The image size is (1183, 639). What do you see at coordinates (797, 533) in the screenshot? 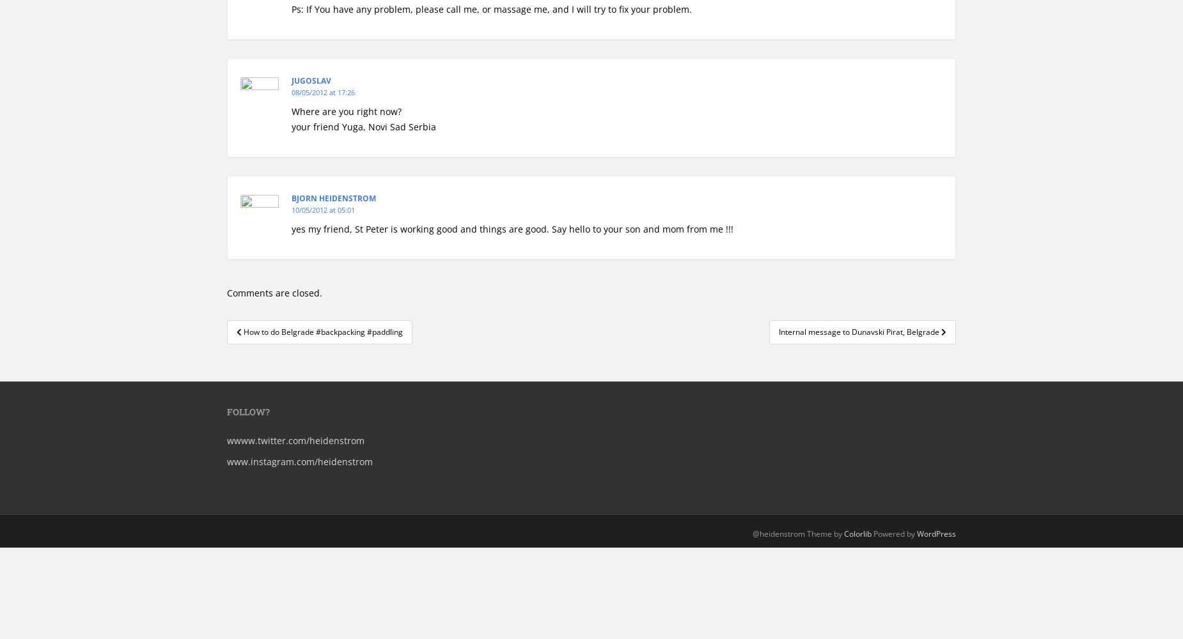
I see `'@heidenstrom						Theme by'` at bounding box center [797, 533].